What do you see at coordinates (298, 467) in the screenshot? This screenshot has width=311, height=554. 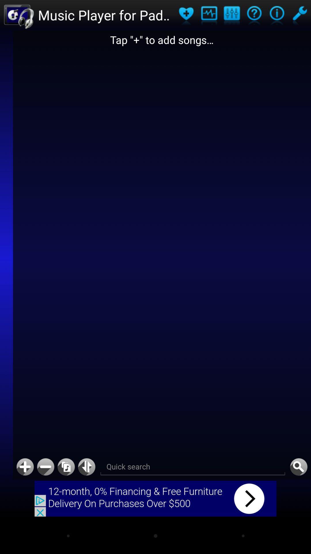 I see `search` at bounding box center [298, 467].